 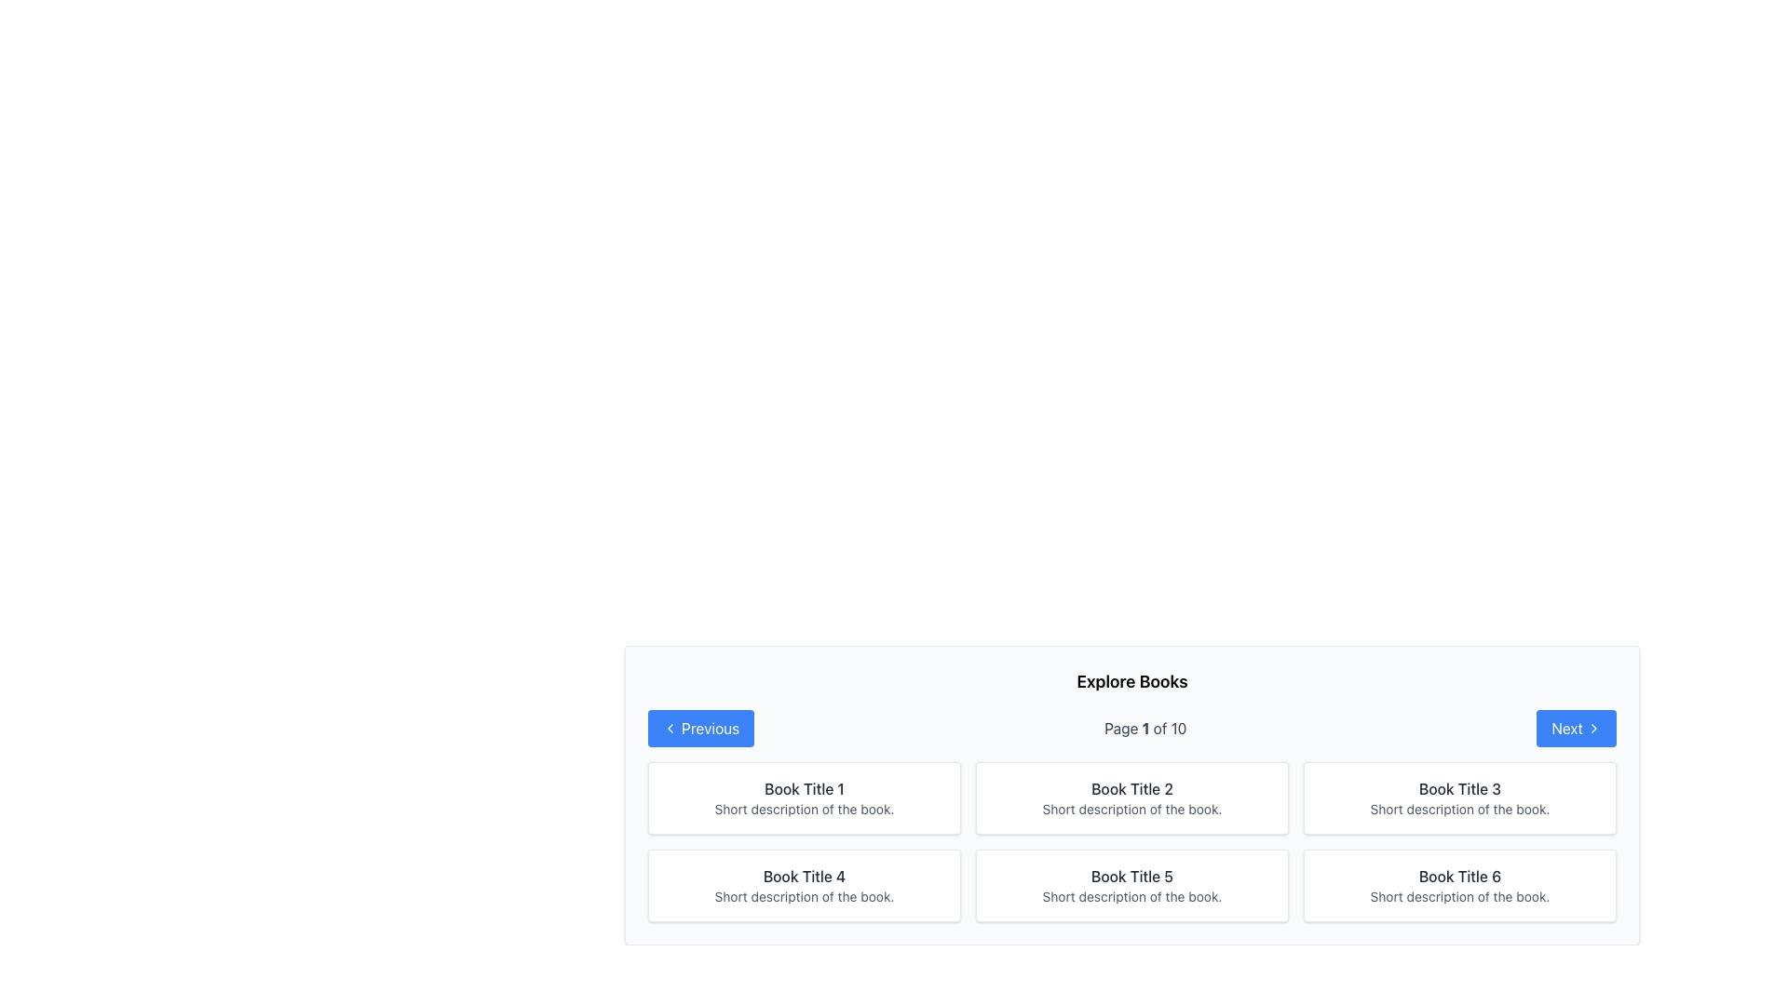 What do you see at coordinates (1459, 809) in the screenshot?
I see `the text label displaying 'Short description of the book.' which is located underneath the book title 'Book Title 3' in the 'Explore Books' UI section` at bounding box center [1459, 809].